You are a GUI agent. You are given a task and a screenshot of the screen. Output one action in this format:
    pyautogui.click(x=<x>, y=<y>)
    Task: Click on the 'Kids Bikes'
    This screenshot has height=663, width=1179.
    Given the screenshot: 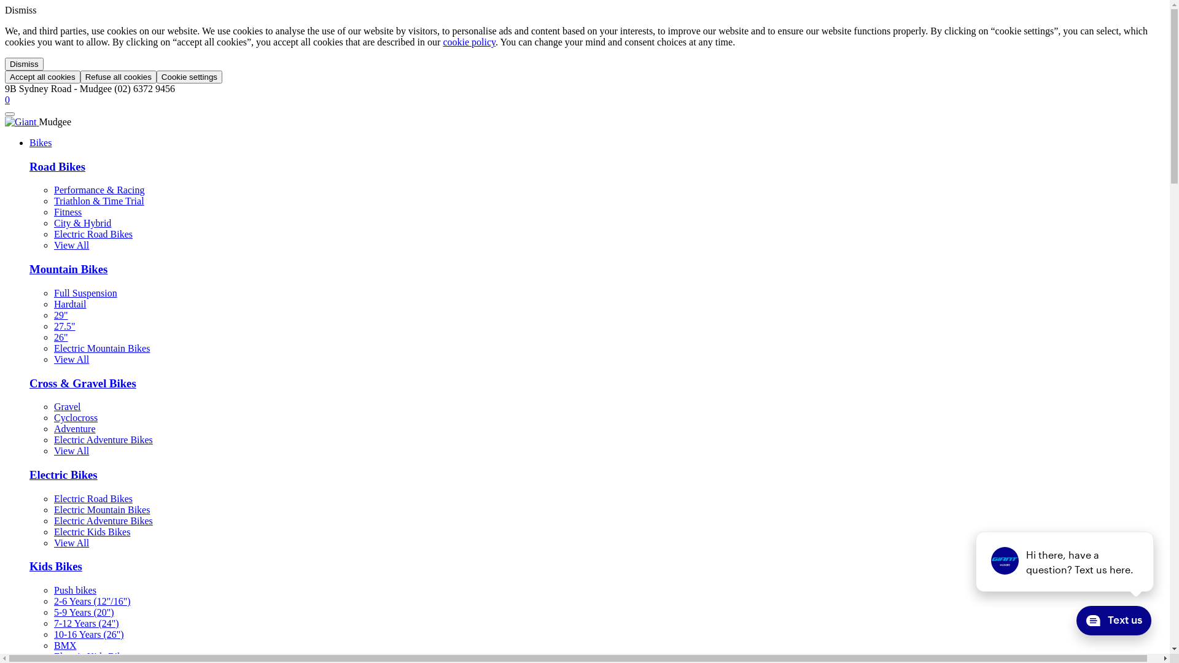 What is the action you would take?
    pyautogui.click(x=55, y=566)
    